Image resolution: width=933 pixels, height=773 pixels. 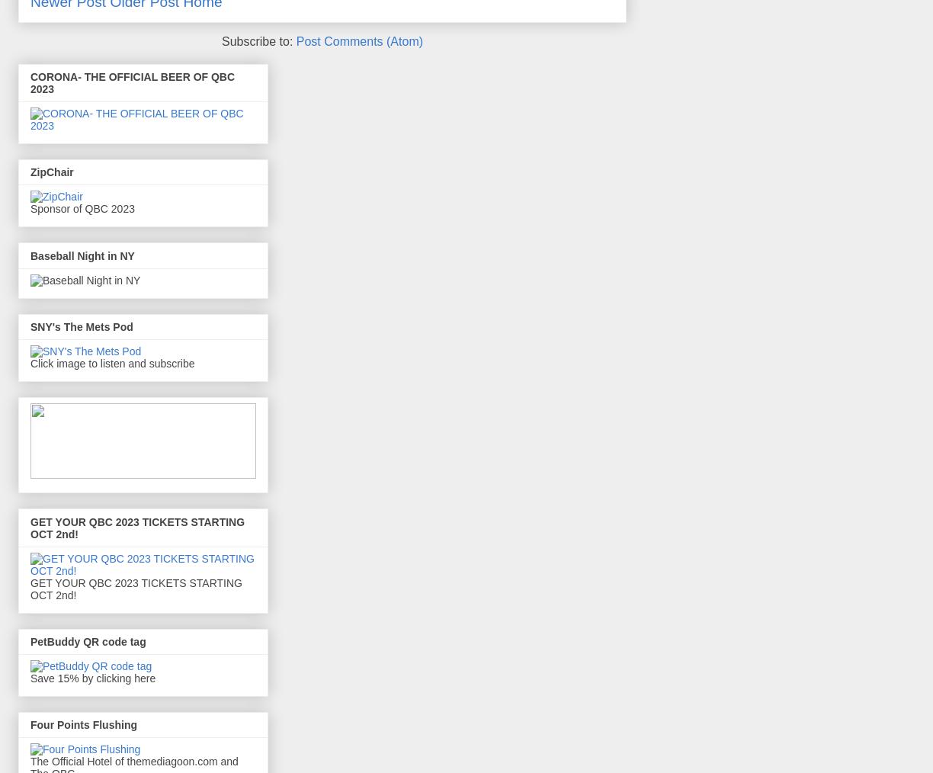 I want to click on 'Save 15% by clicking here', so click(x=92, y=676).